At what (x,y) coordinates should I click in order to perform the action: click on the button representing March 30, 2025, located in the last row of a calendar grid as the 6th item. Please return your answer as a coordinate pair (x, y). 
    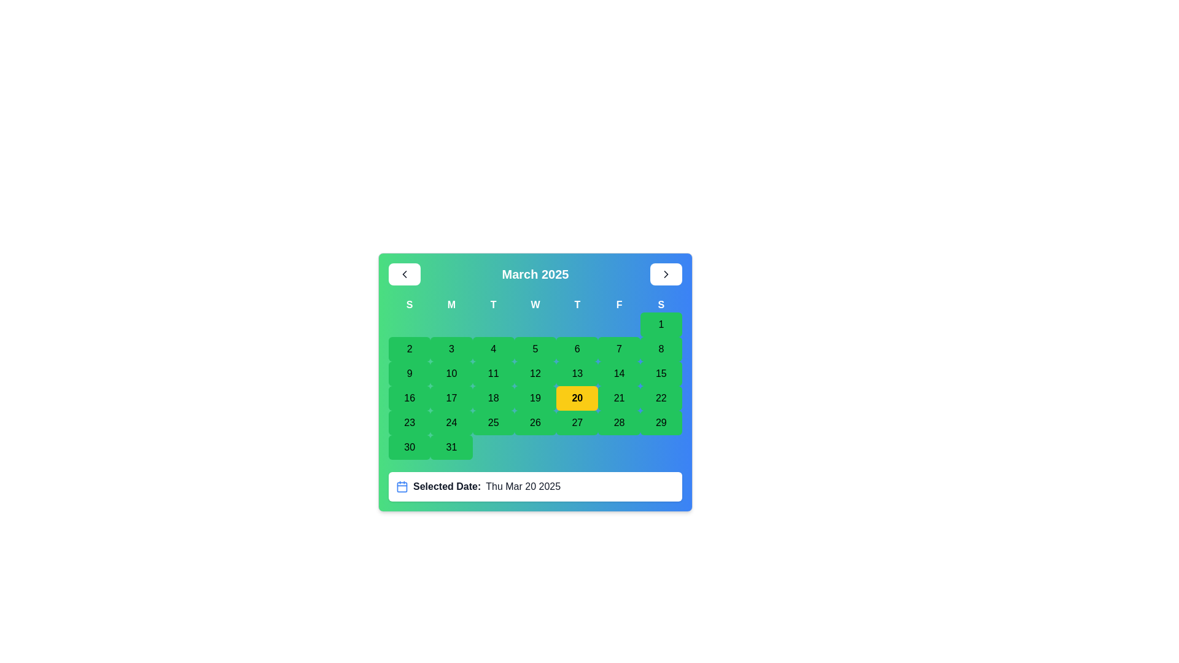
    Looking at the image, I should click on (410, 448).